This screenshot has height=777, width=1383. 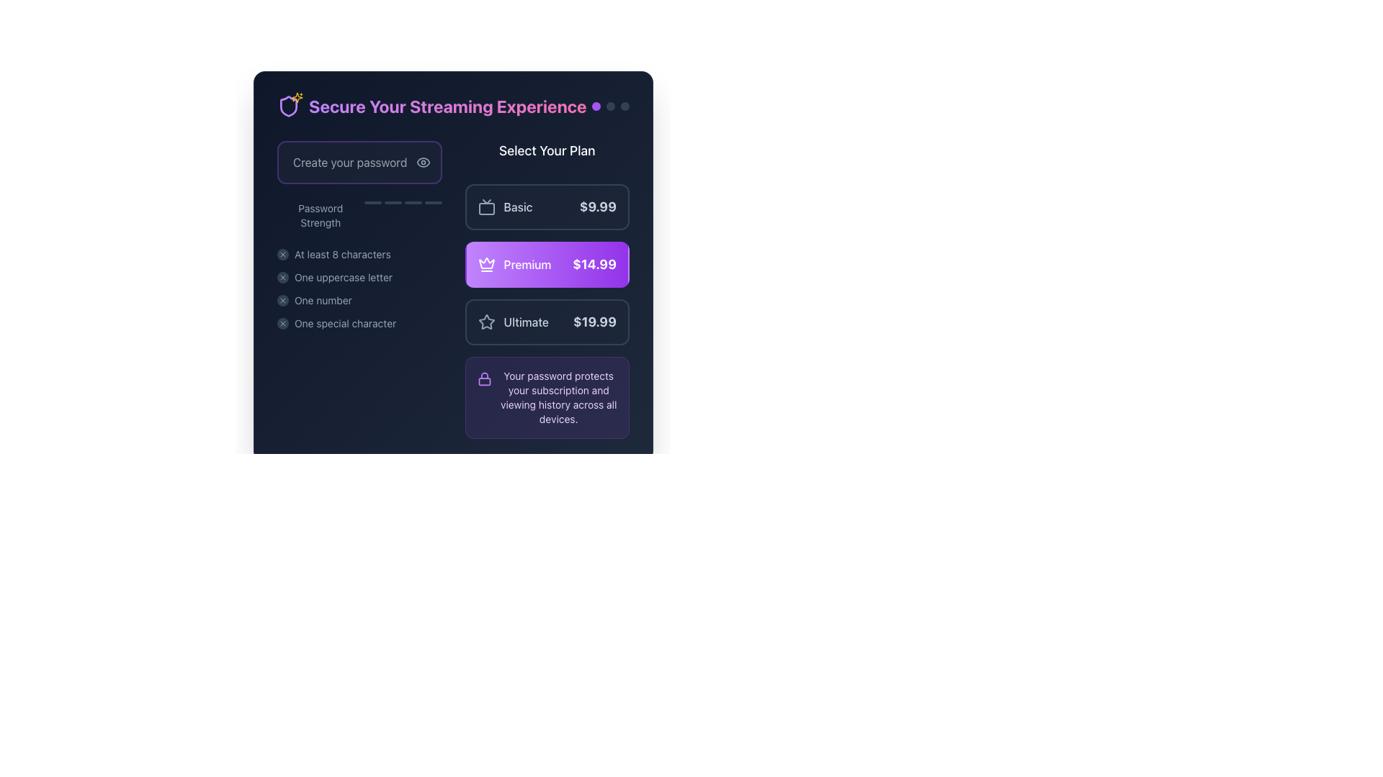 What do you see at coordinates (611, 105) in the screenshot?
I see `the middle circular progress indicator, which is dark gray` at bounding box center [611, 105].